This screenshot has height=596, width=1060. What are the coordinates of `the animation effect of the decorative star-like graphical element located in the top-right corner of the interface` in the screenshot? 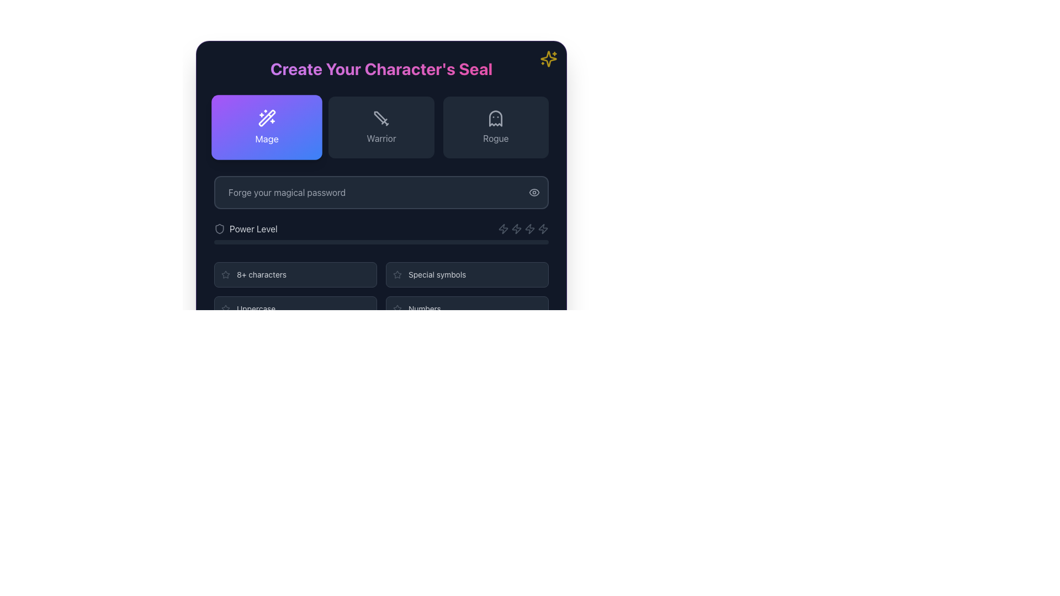 It's located at (548, 59).